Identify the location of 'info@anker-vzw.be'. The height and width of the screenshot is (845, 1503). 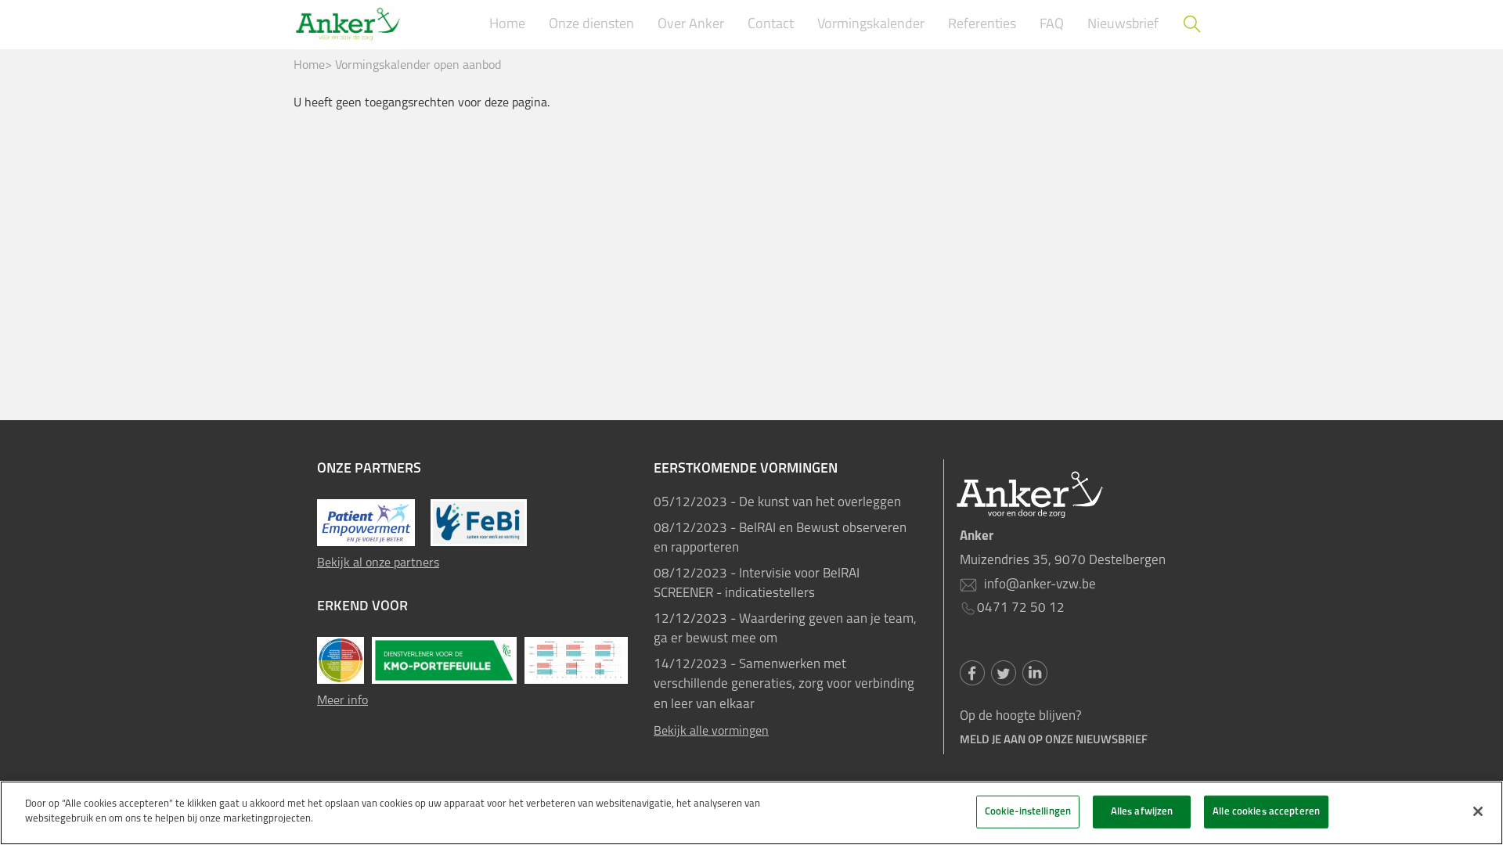
(979, 584).